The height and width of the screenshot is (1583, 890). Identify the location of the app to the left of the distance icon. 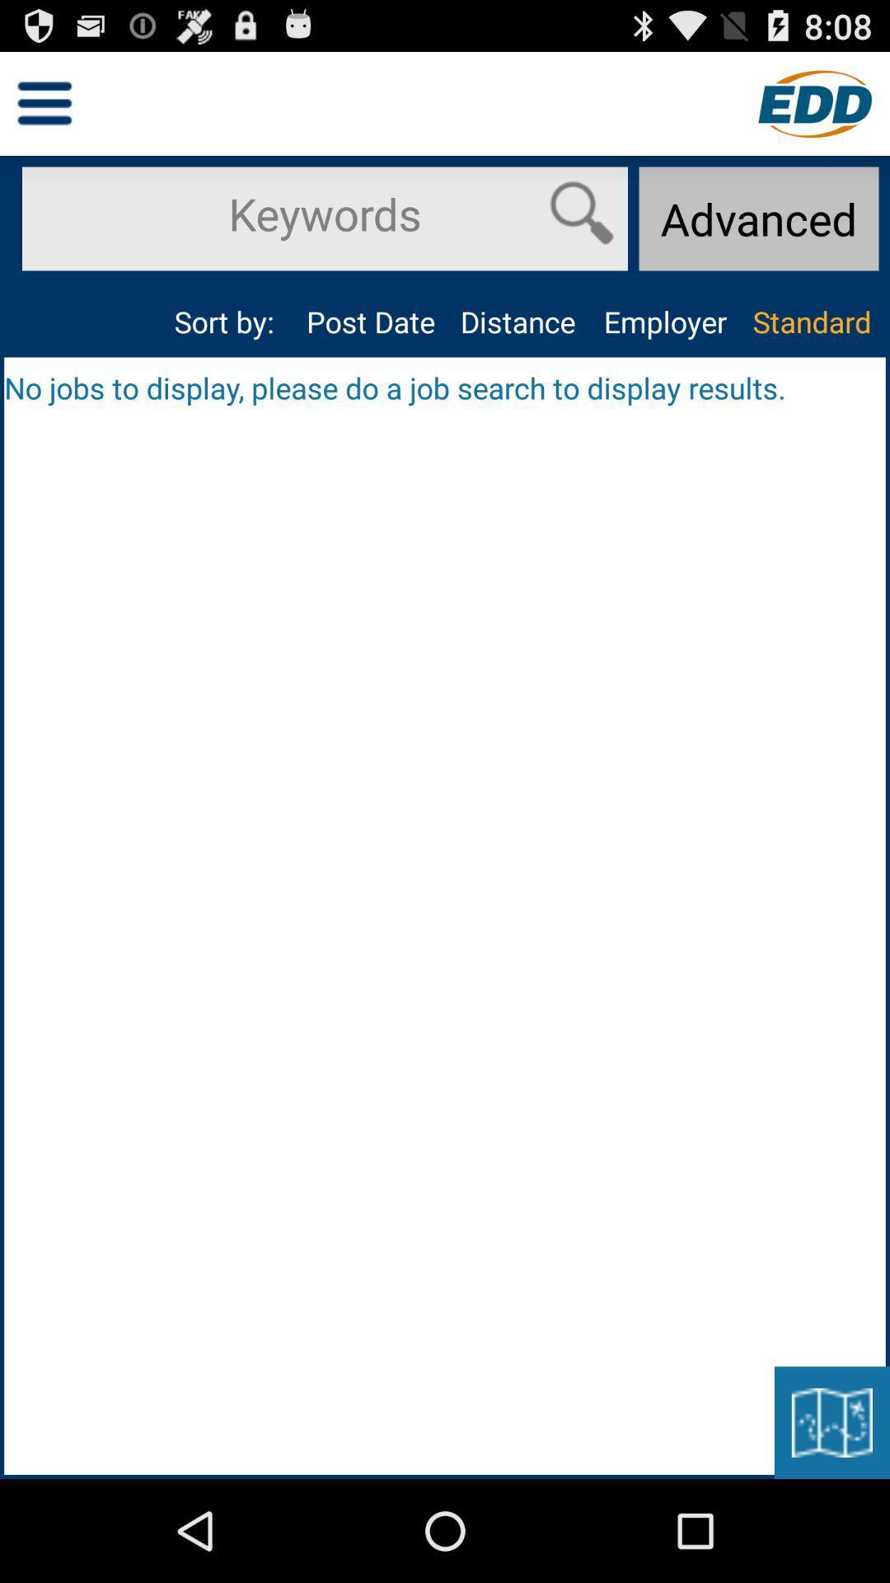
(371, 322).